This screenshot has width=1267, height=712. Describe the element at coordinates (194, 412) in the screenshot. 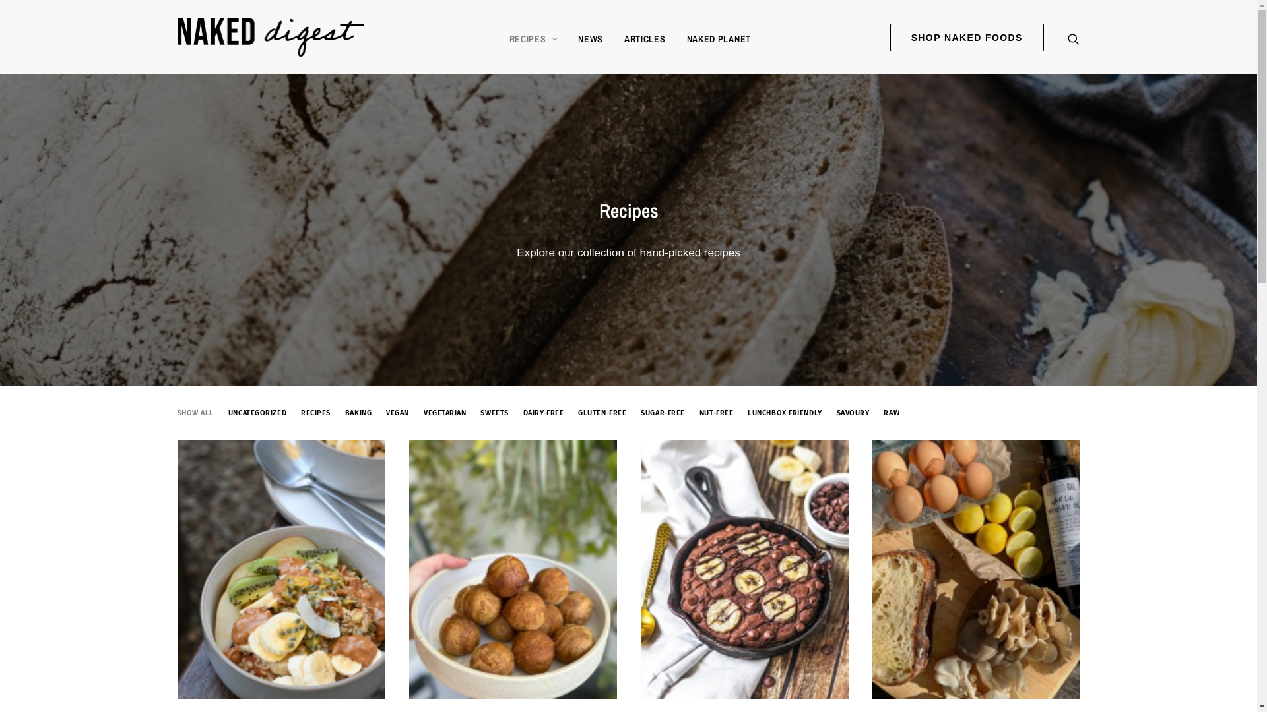

I see `'SHOW ALL'` at that location.